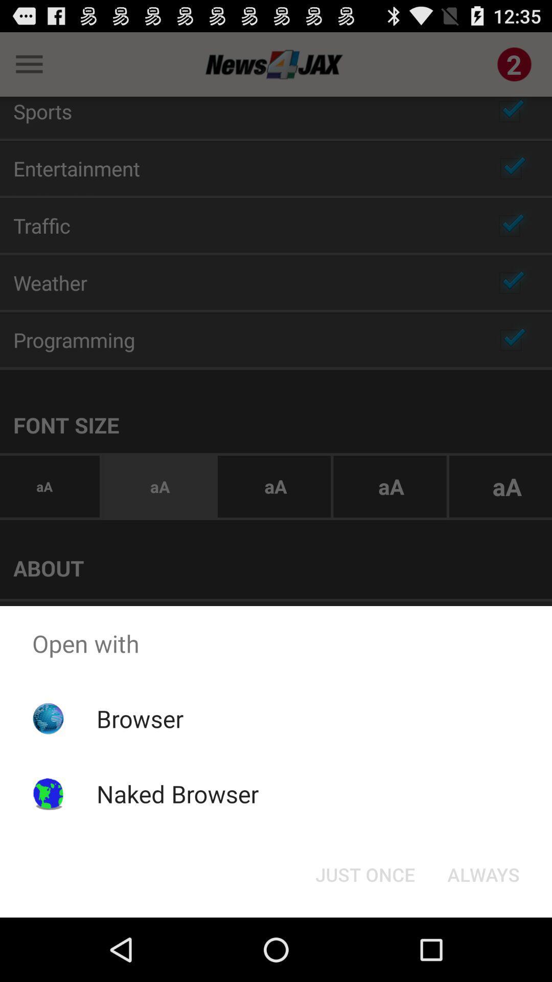  What do you see at coordinates (483, 874) in the screenshot?
I see `the always item` at bounding box center [483, 874].